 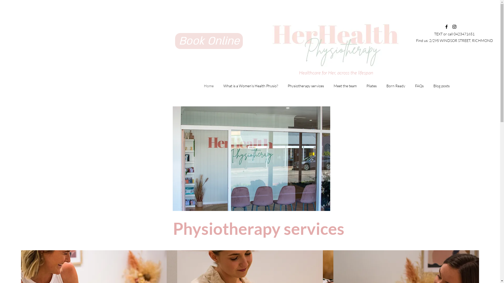 What do you see at coordinates (345, 85) in the screenshot?
I see `'Meet the team'` at bounding box center [345, 85].